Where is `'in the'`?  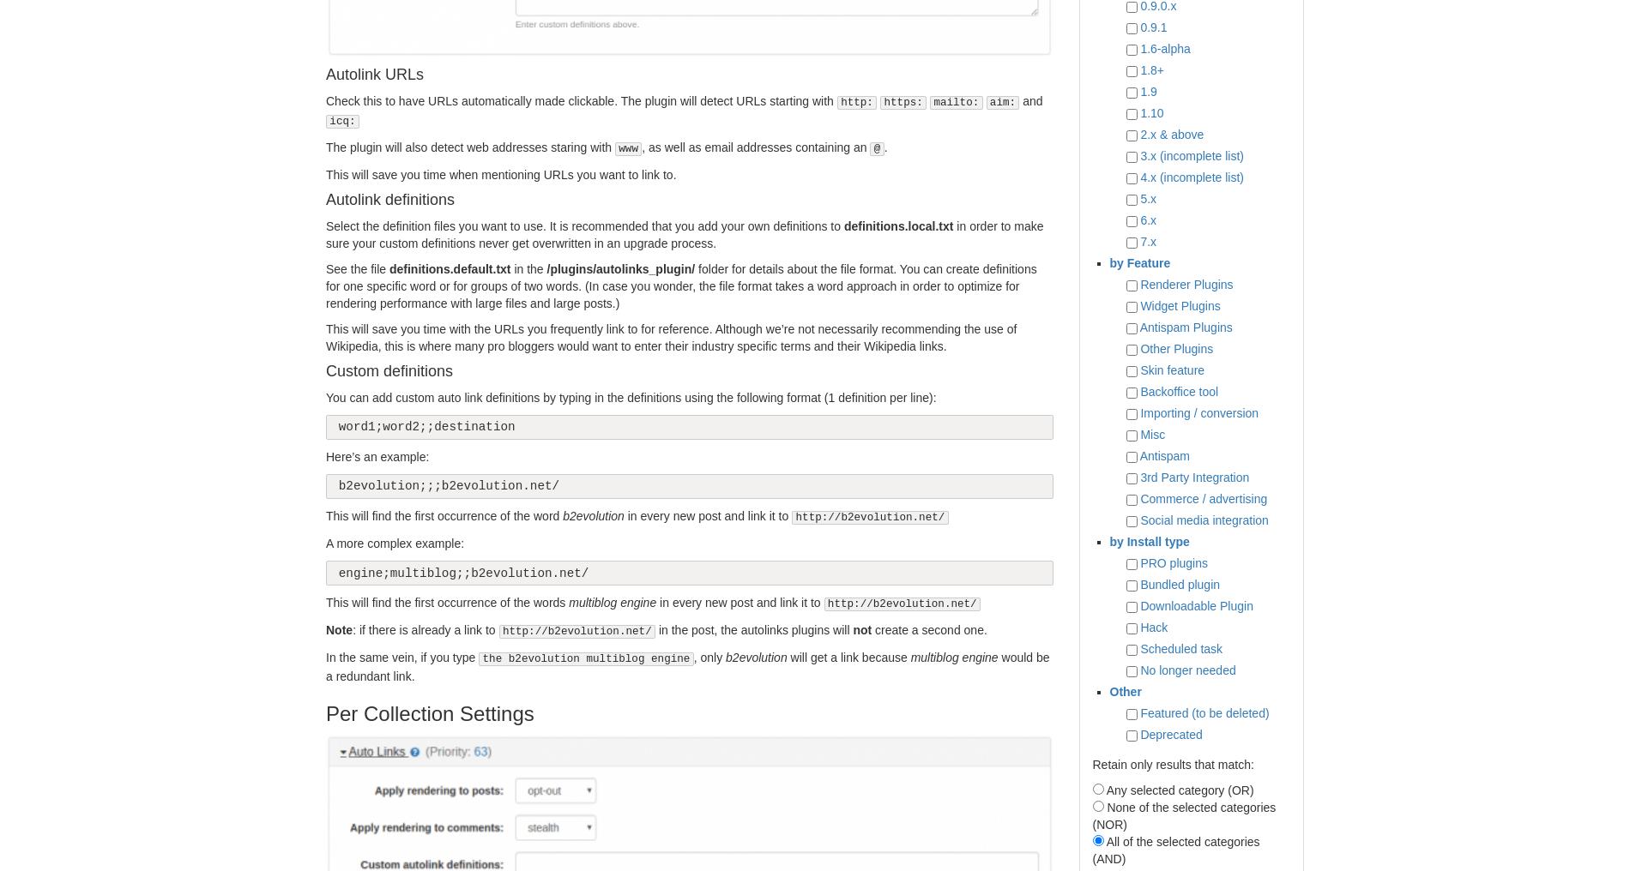 'in the' is located at coordinates (528, 267).